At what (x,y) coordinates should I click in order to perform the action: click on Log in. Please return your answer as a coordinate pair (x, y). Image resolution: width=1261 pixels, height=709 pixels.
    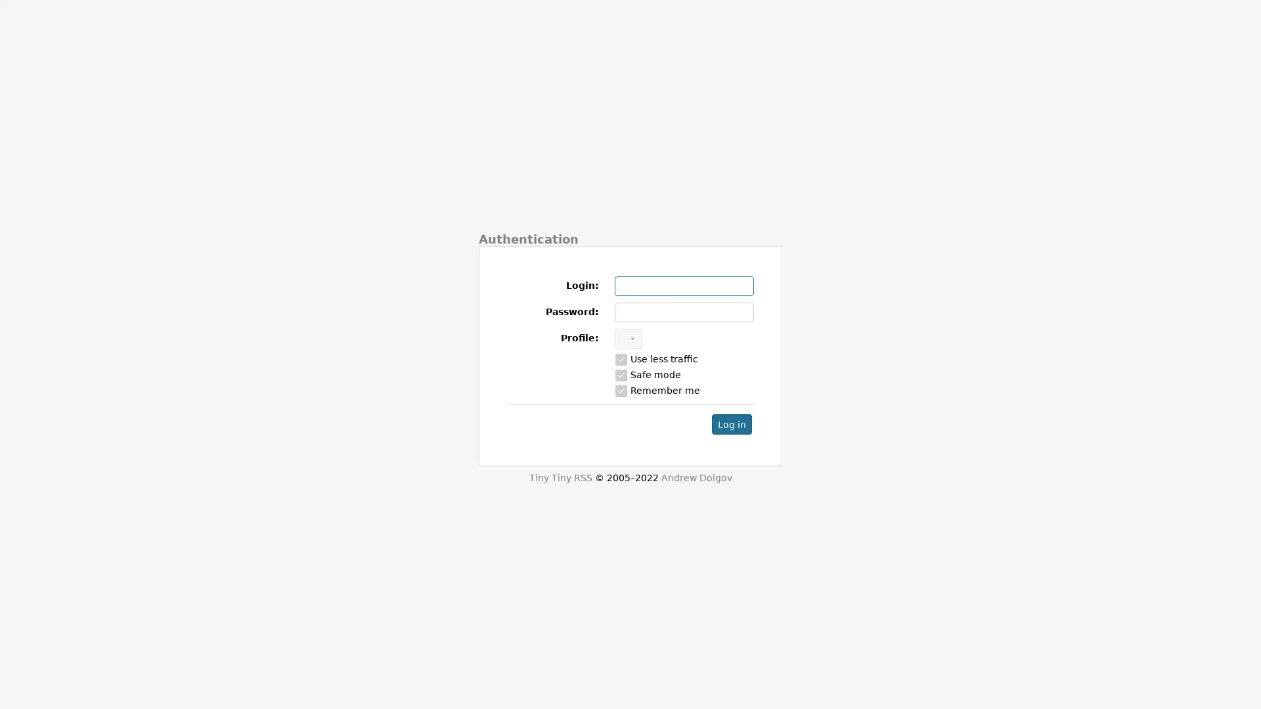
    Looking at the image, I should click on (731, 423).